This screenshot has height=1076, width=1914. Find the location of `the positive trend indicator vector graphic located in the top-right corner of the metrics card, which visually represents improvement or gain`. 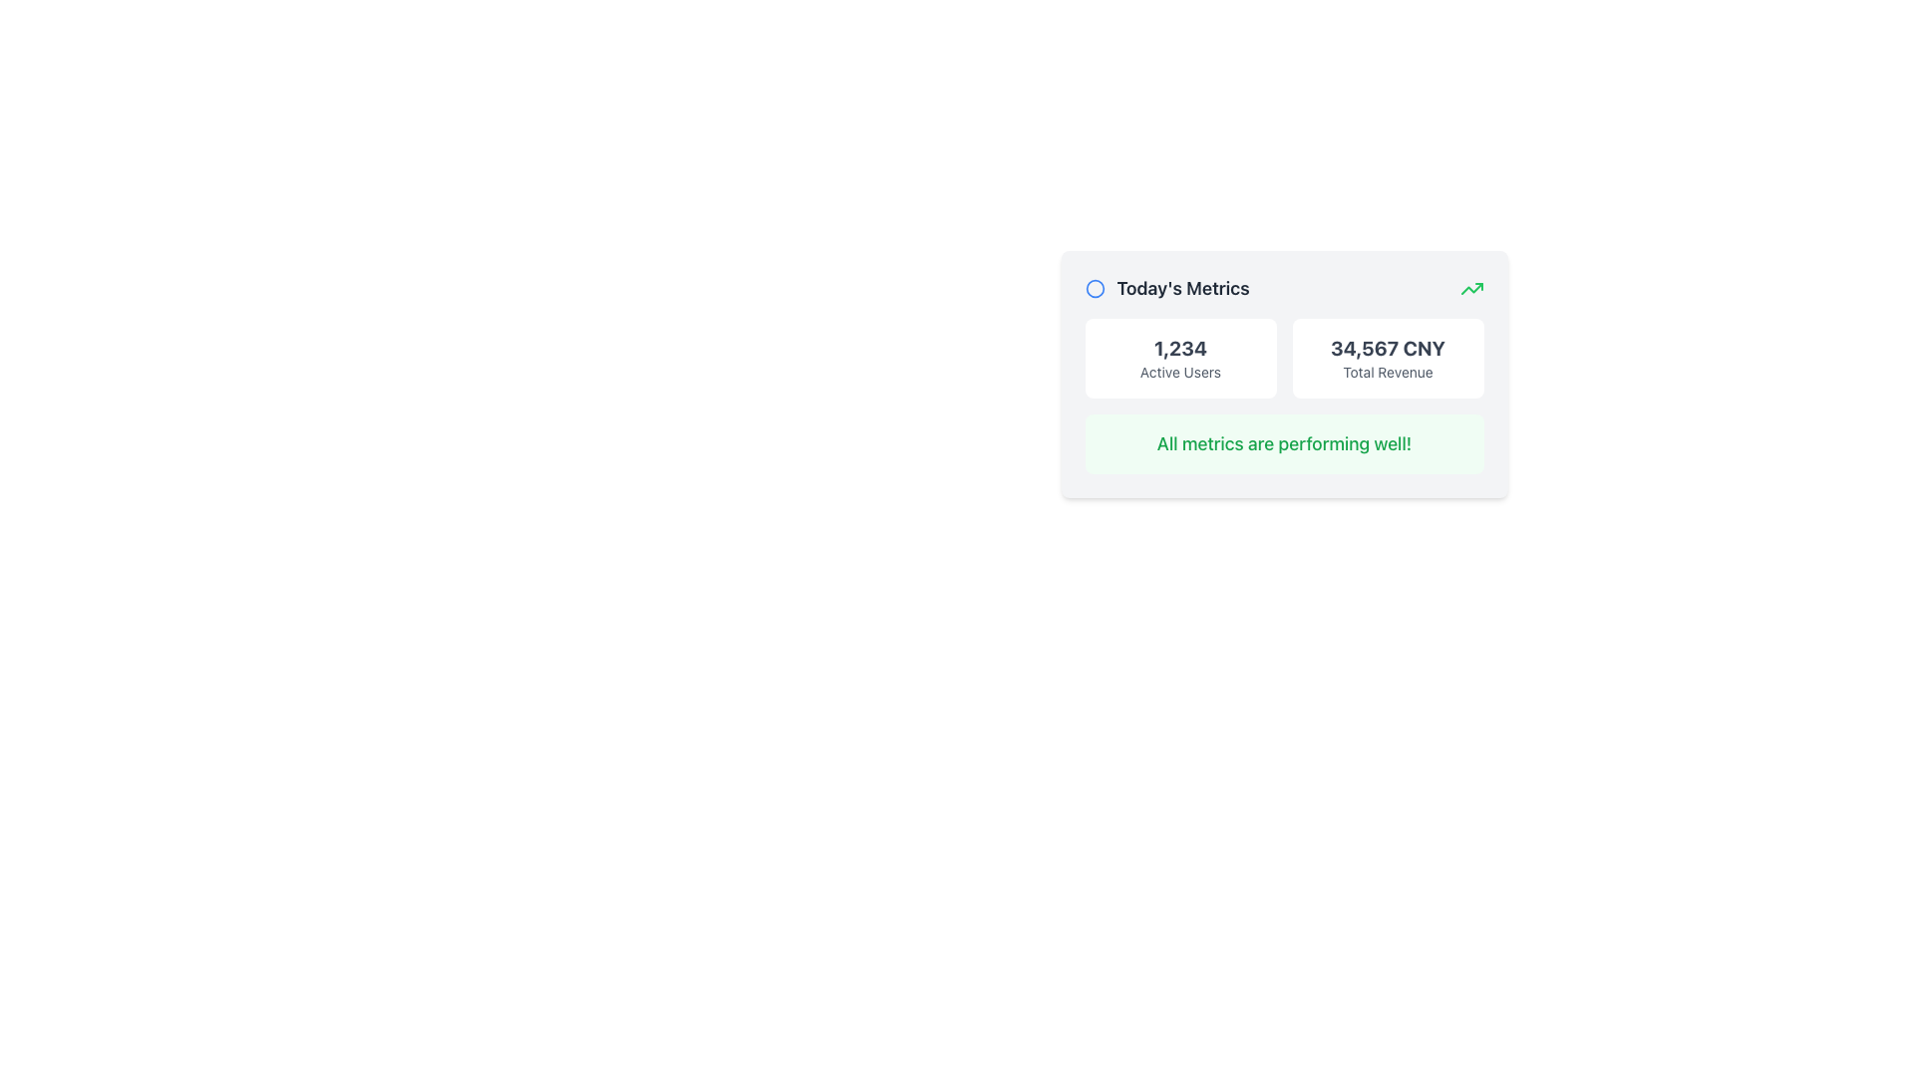

the positive trend indicator vector graphic located in the top-right corner of the metrics card, which visually represents improvement or gain is located at coordinates (1471, 288).